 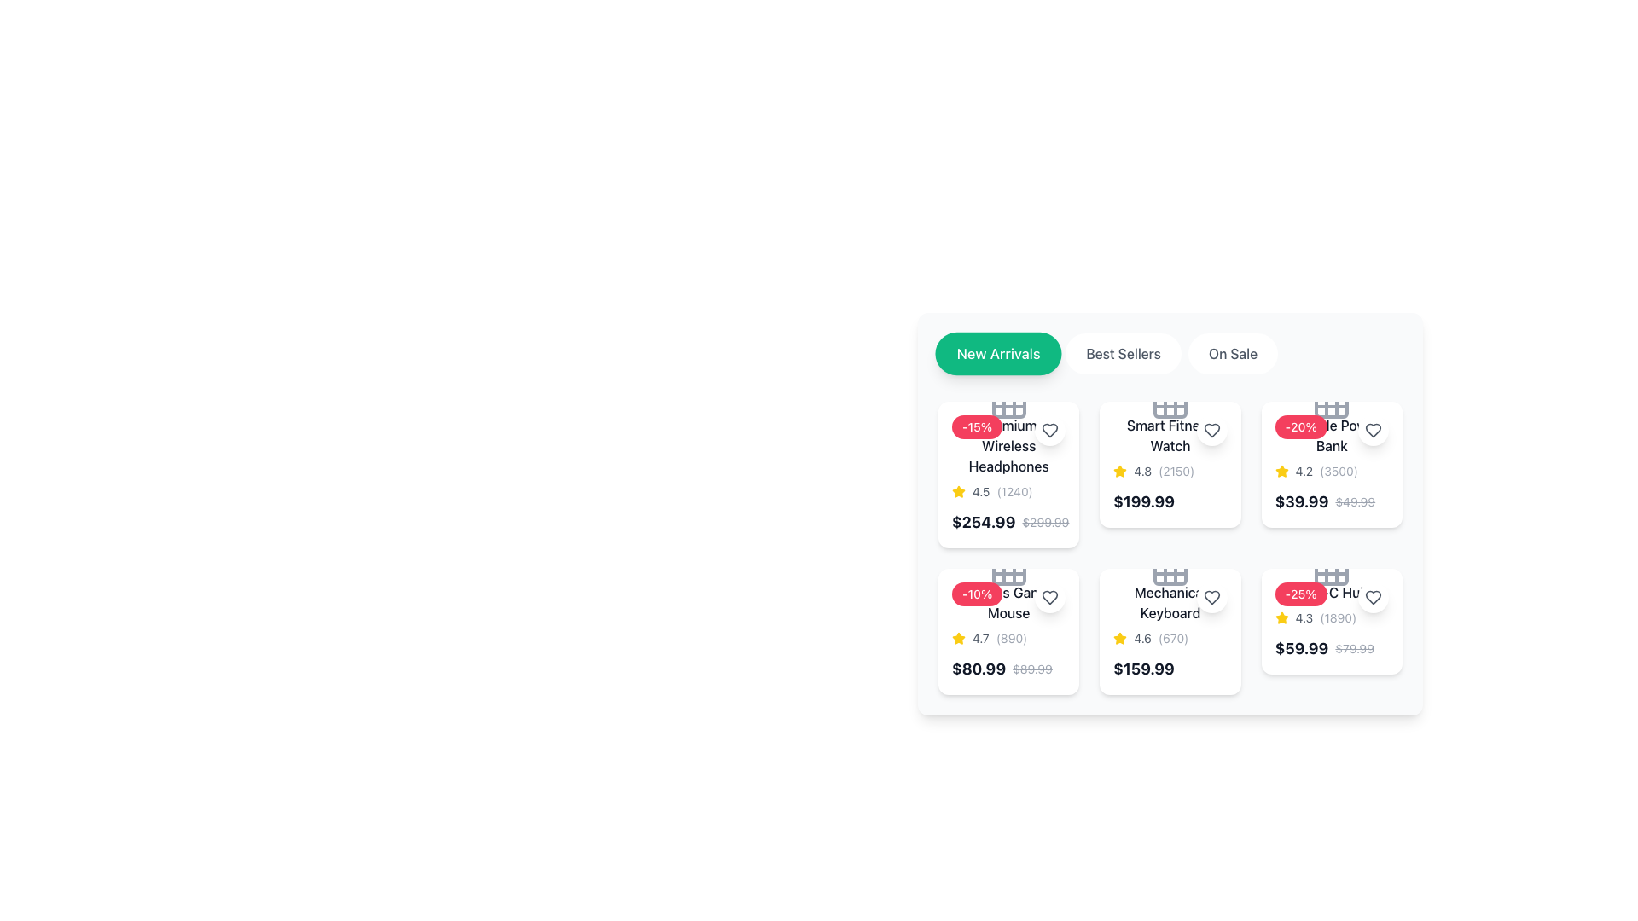 What do you see at coordinates (1354, 501) in the screenshot?
I see `the text element that represents the original price of the product, which is positioned to the right of the current price '$39.99' within the product card for 'Portable Power Bank'` at bounding box center [1354, 501].